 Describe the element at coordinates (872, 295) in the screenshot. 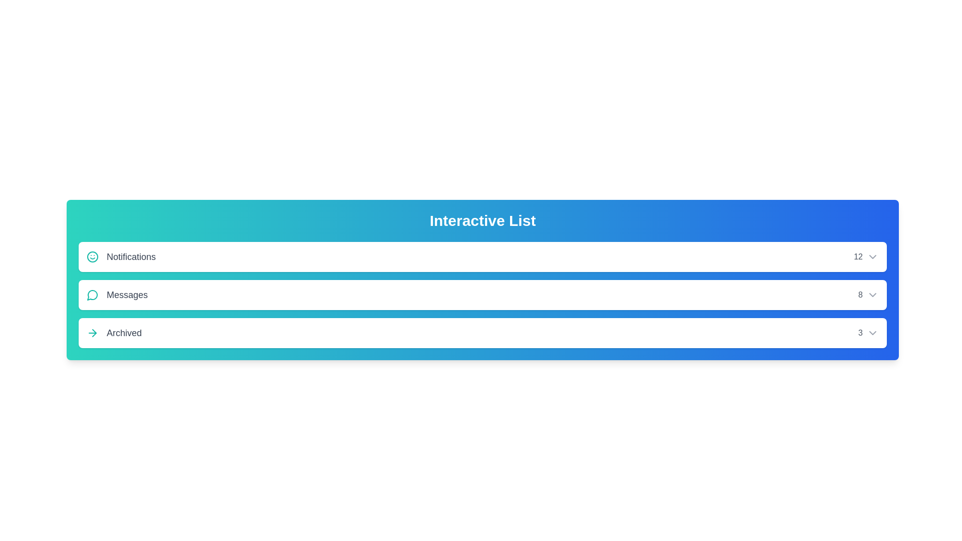

I see `the dropdown icon of the Messages list item to expand its options` at that location.